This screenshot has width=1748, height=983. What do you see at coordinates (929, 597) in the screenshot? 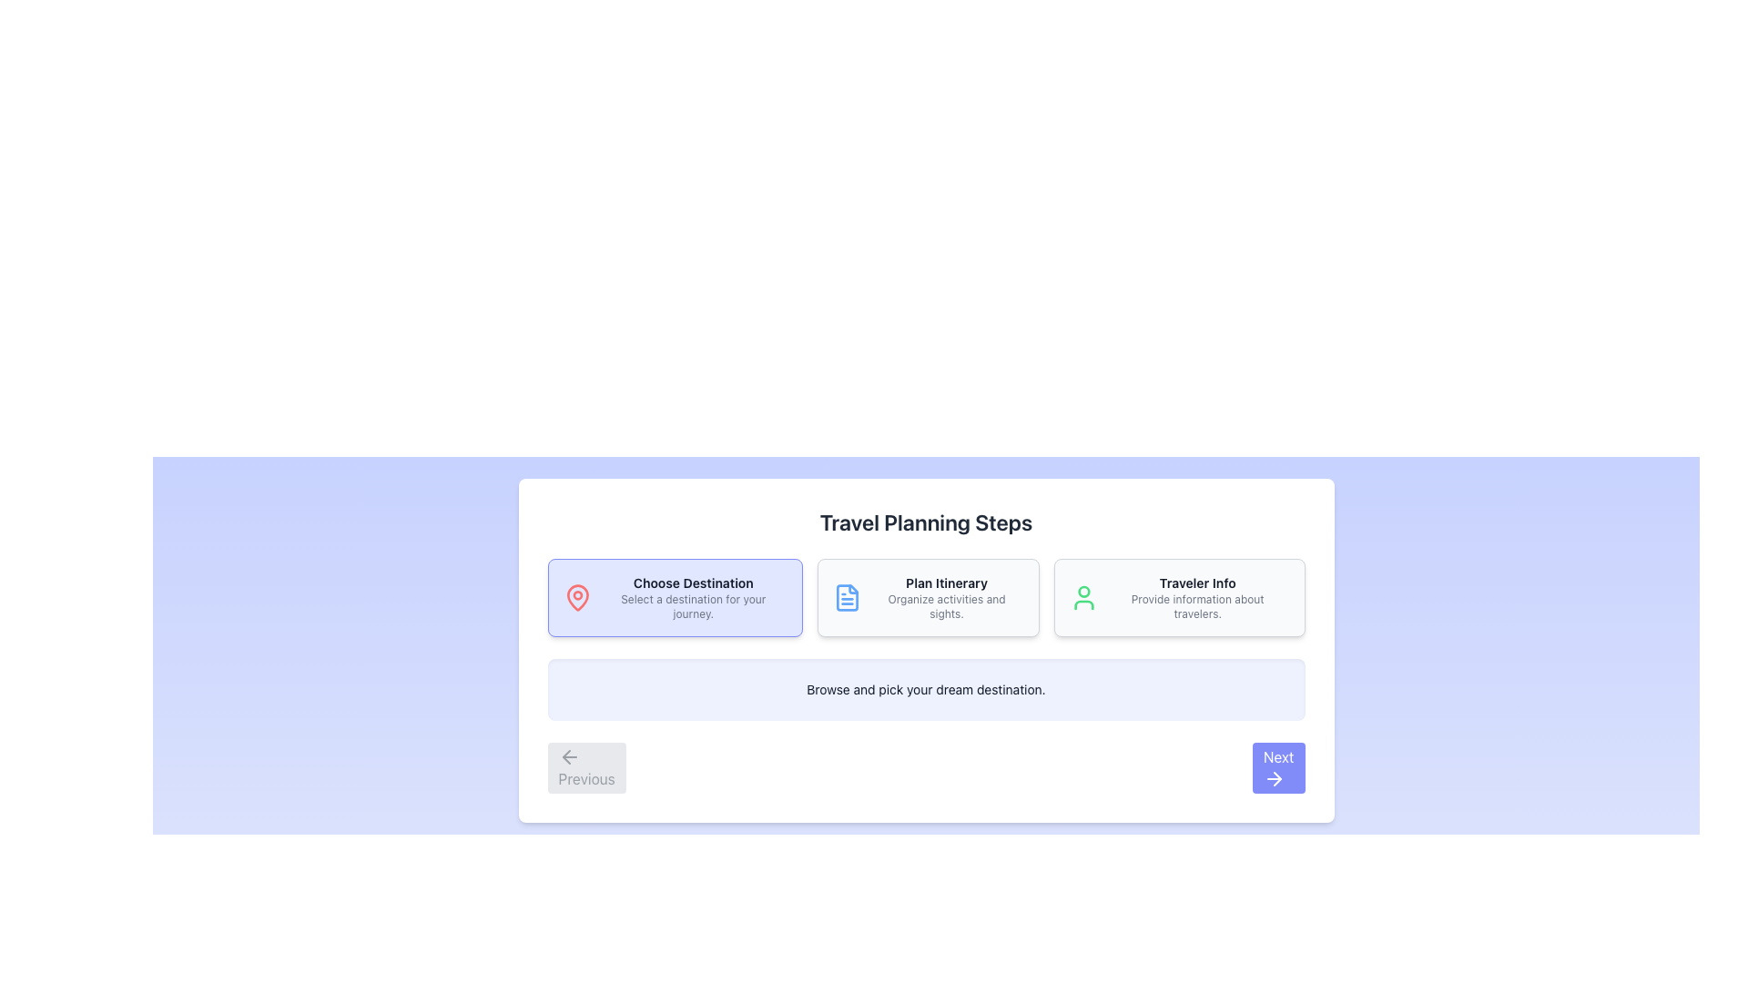
I see `the middle selectable card in the travel planning steps section, which is positioned between the 'Choose Destination' and 'Traveler Info' cards` at bounding box center [929, 597].